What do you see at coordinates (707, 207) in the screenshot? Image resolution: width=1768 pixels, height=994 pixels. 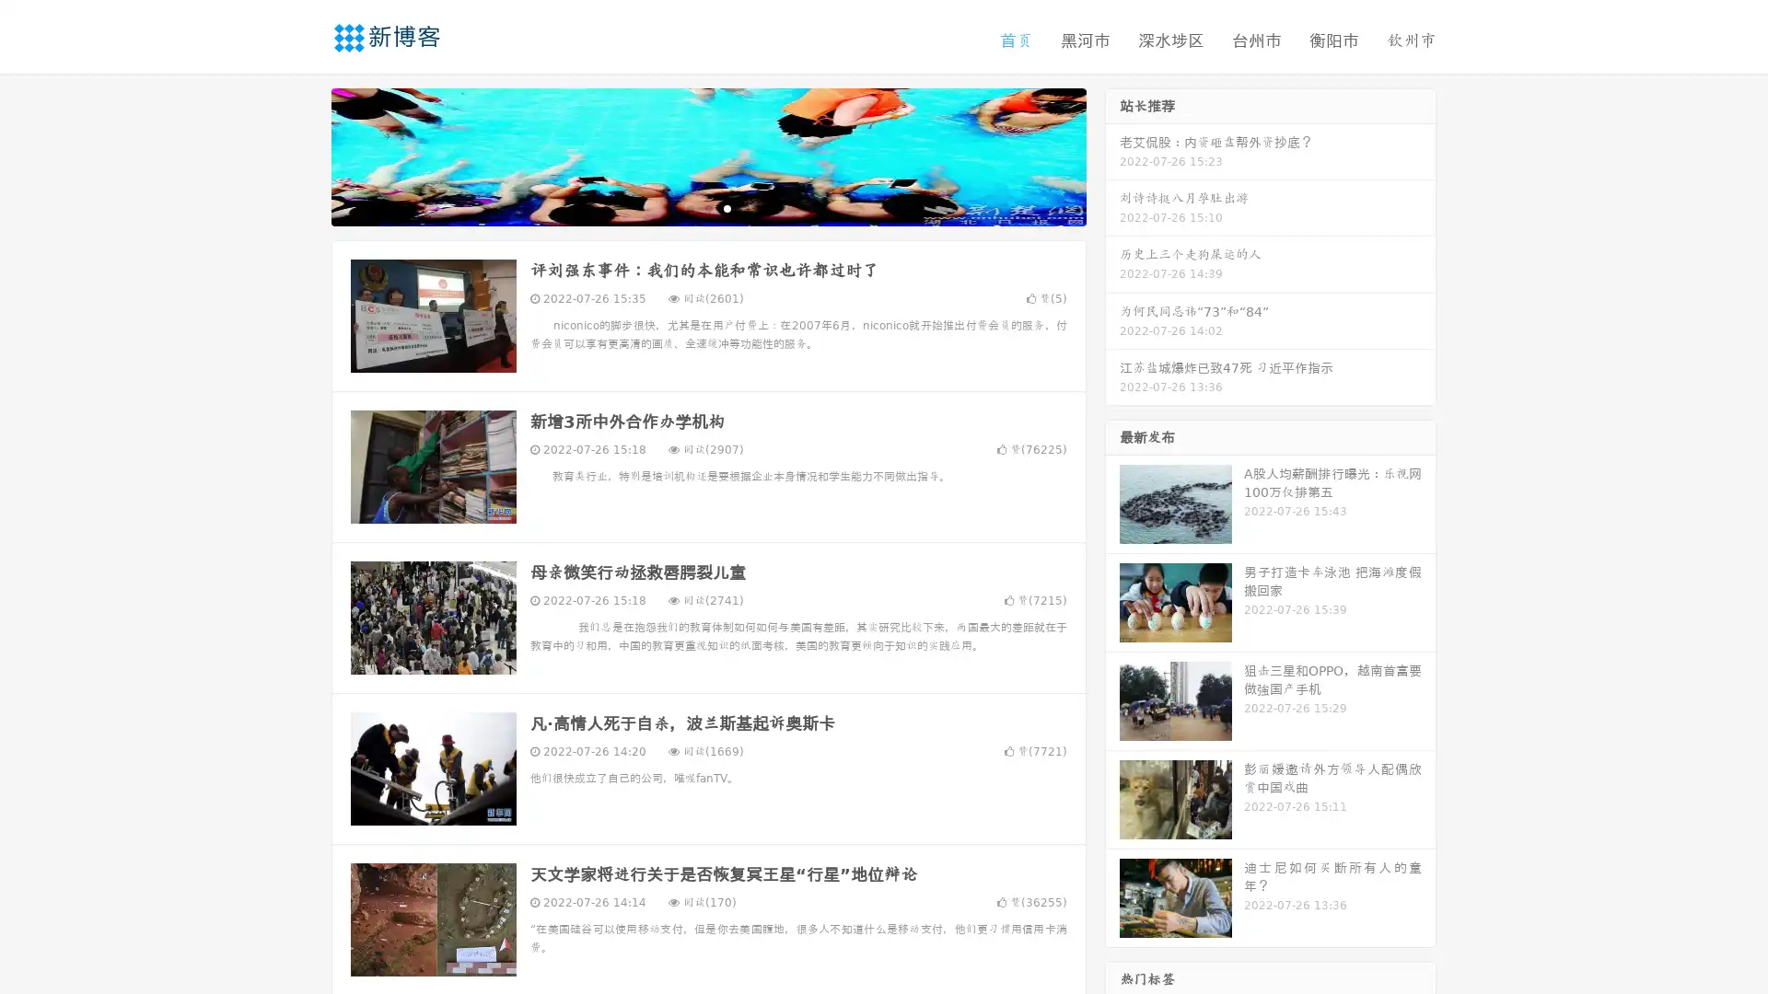 I see `Go to slide 2` at bounding box center [707, 207].